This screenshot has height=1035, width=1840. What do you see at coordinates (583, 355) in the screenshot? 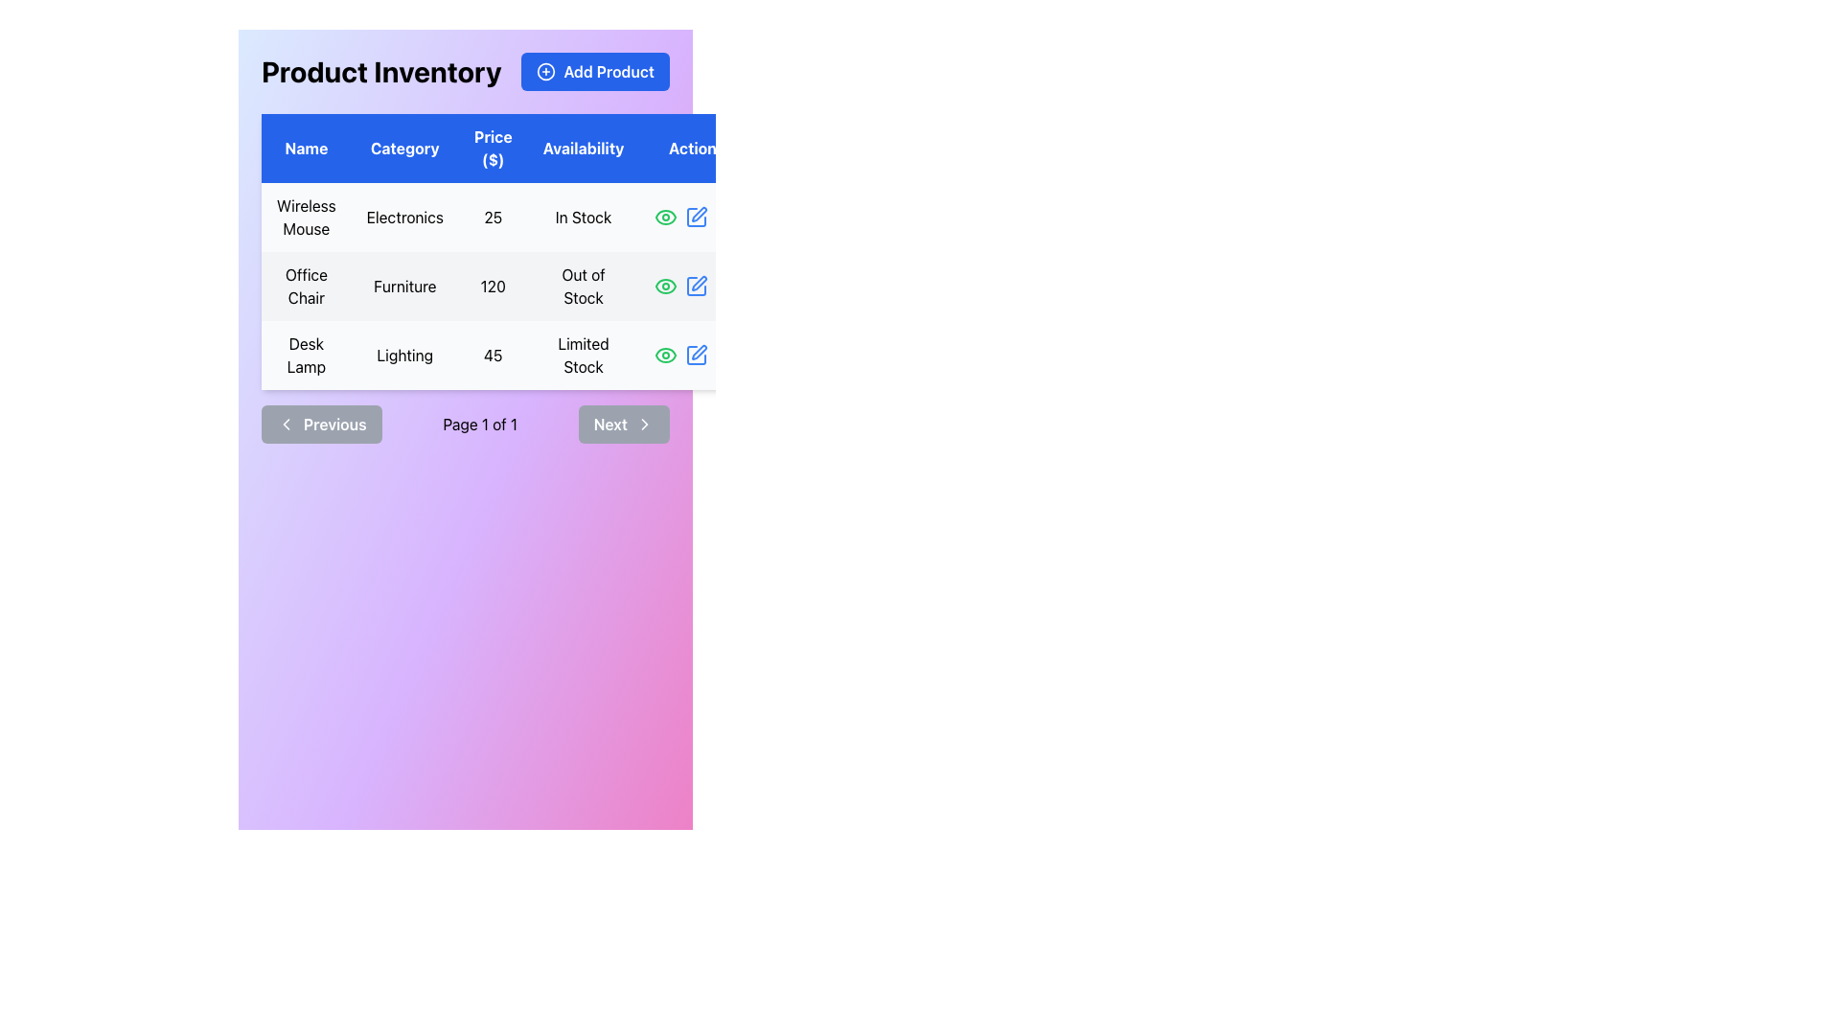
I see `the static text label indicating the availability status of an item in stock, which displays 'Limited Stock' in the third row of the inventory table` at bounding box center [583, 355].